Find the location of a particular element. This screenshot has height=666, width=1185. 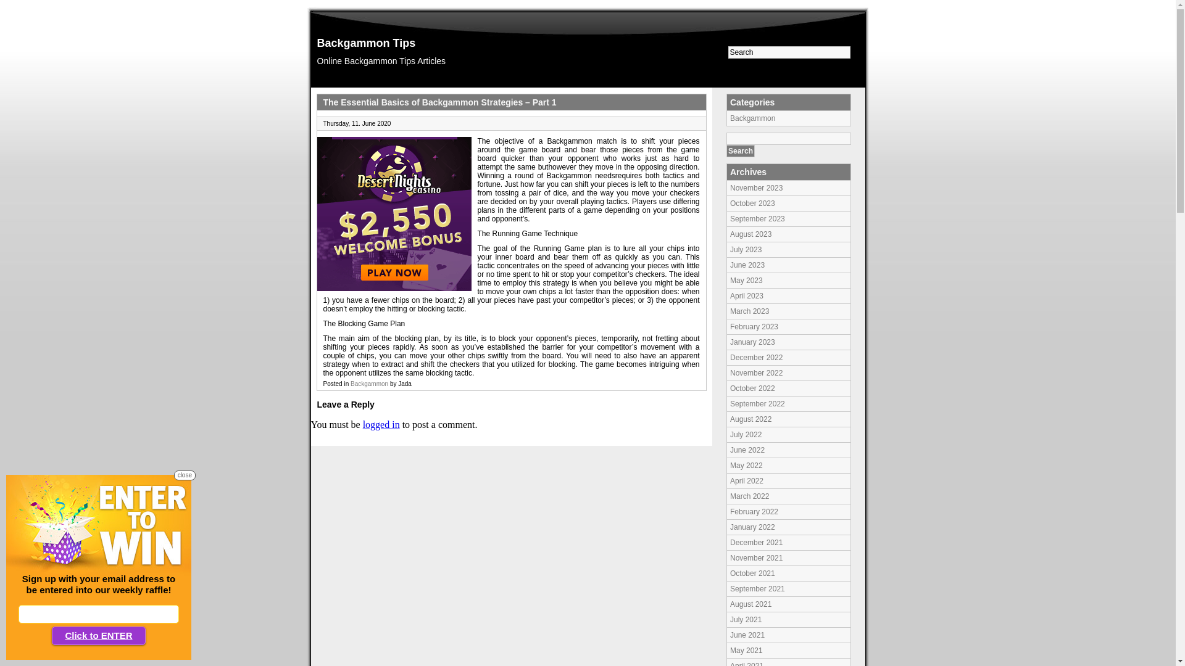

'June 2022' is located at coordinates (730, 450).